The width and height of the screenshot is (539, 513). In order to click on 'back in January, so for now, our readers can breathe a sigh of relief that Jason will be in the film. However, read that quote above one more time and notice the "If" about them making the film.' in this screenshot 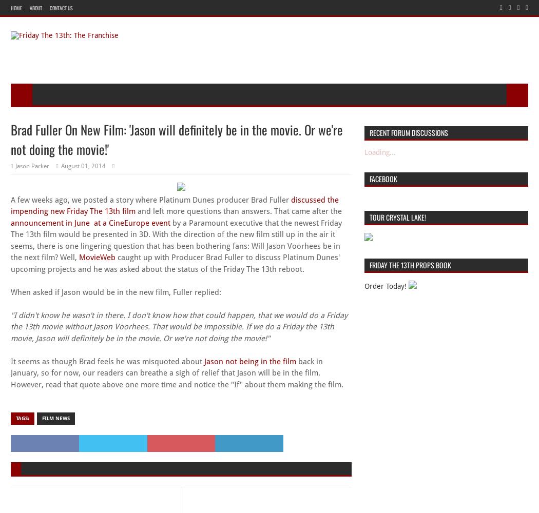, I will do `click(177, 372)`.